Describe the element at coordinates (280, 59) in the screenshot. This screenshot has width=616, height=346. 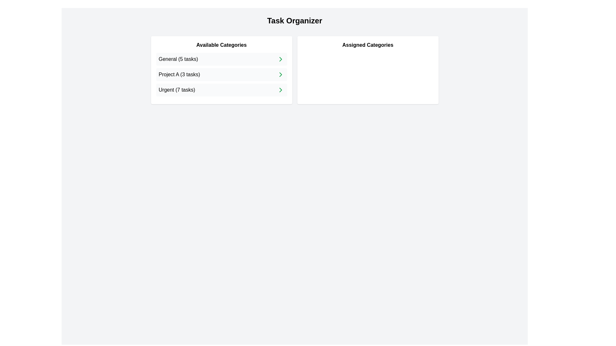
I see `right arrow next to the category General (5 tasks) in the 'Available Categories' list to assign it to the 'Assigned Categories' list` at that location.